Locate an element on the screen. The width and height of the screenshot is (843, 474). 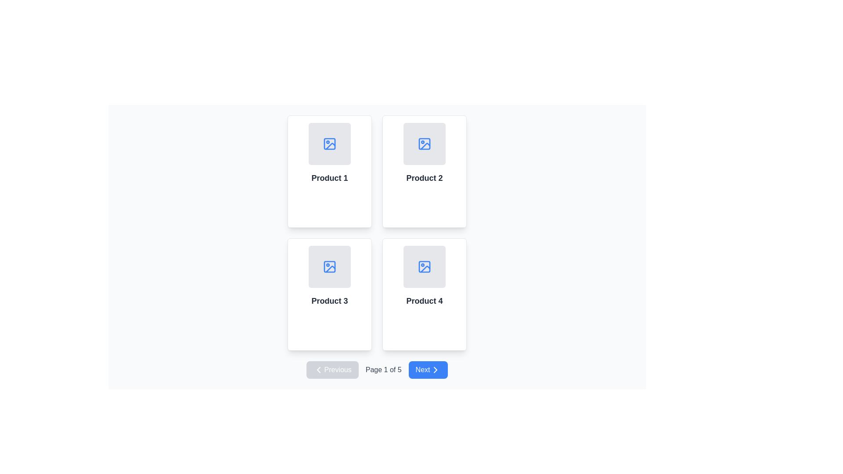
the blue stylized image indicator icon within the 'Product 3' card, which is positioned in the bottom-left quadrant of the grid layout is located at coordinates (329, 266).